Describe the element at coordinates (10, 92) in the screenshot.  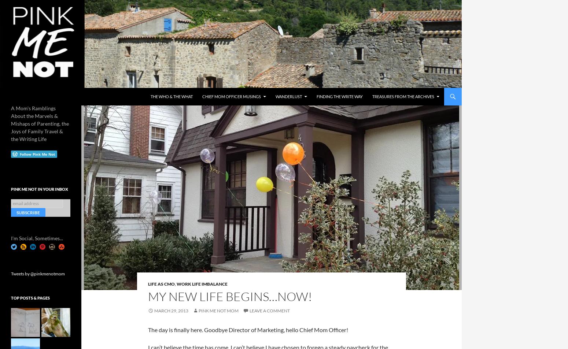
I see `'Search'` at that location.